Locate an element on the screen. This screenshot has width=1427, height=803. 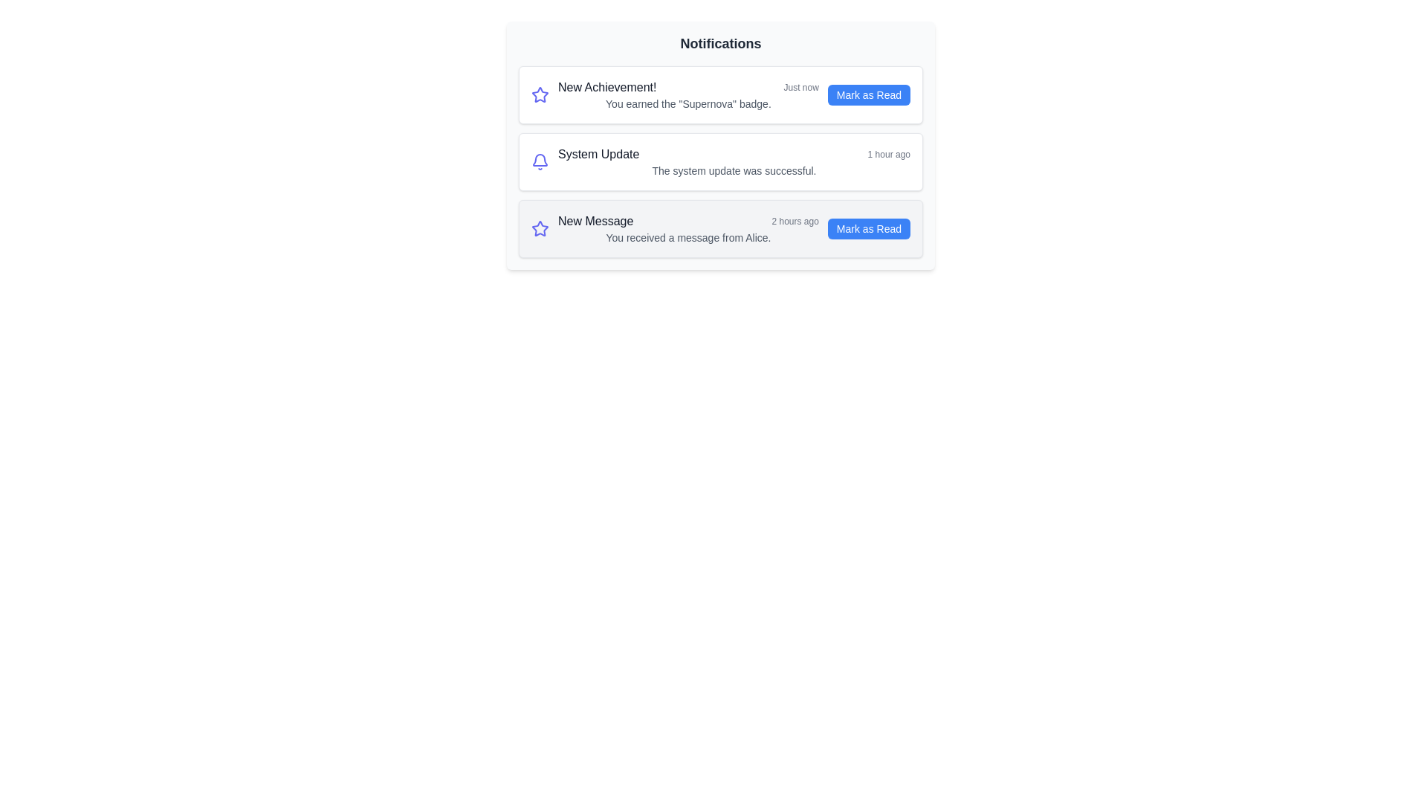
the button on the far-right side of the 'New Achievement!' notification to mark it as read is located at coordinates (869, 94).